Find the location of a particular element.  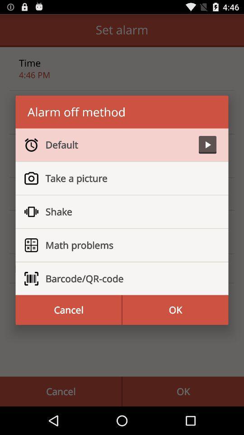

the shake app is located at coordinates (127, 212).